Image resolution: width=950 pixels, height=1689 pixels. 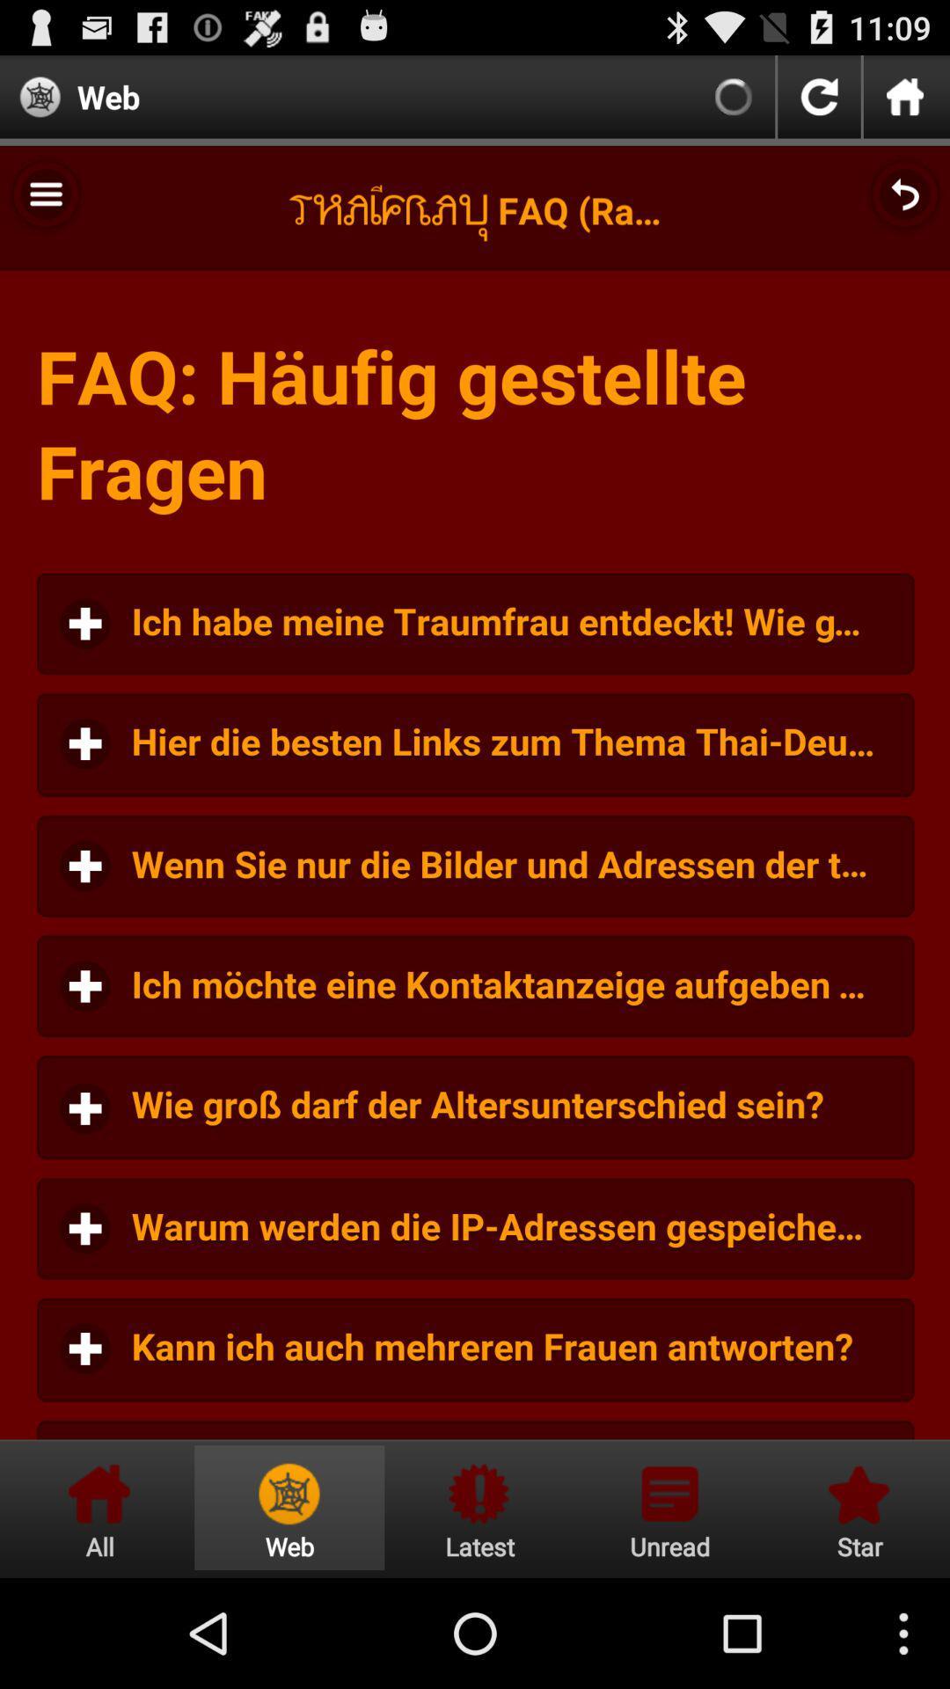 What do you see at coordinates (99, 1507) in the screenshot?
I see `all` at bounding box center [99, 1507].